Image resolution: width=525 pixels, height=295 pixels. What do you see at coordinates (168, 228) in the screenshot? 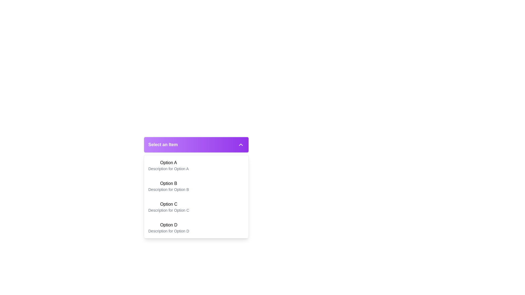
I see `the fourth selectable option in the dropdown menu, which provides details about the option through its description` at bounding box center [168, 228].